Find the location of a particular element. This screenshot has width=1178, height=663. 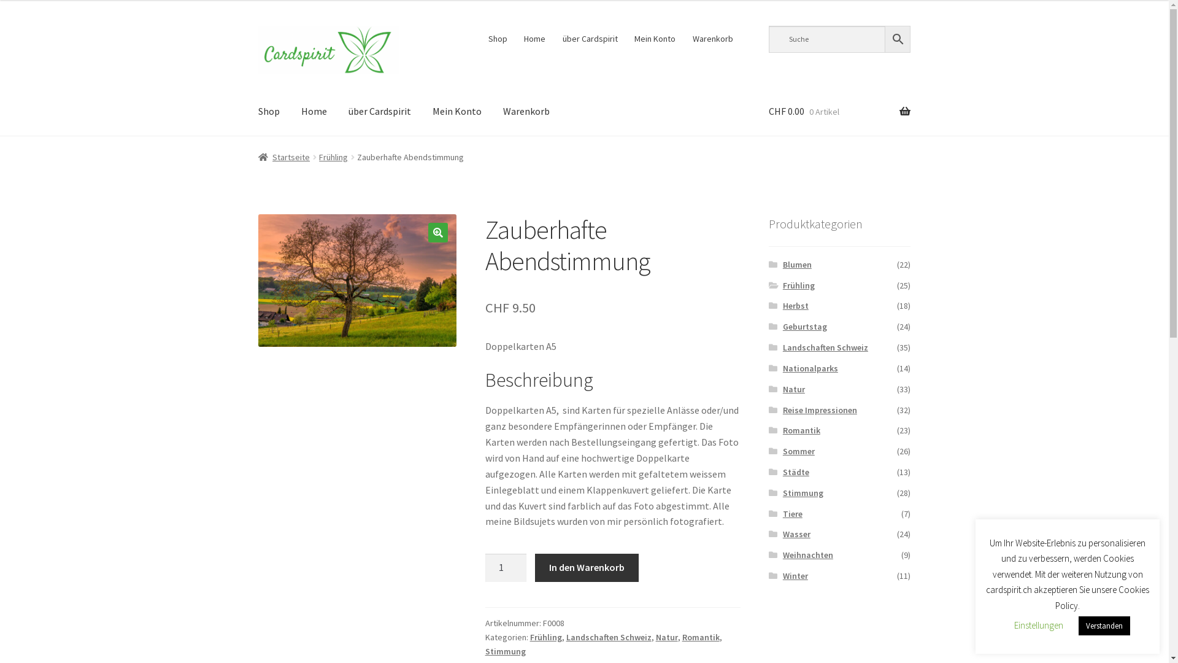

'Verstanden' is located at coordinates (1104, 626).